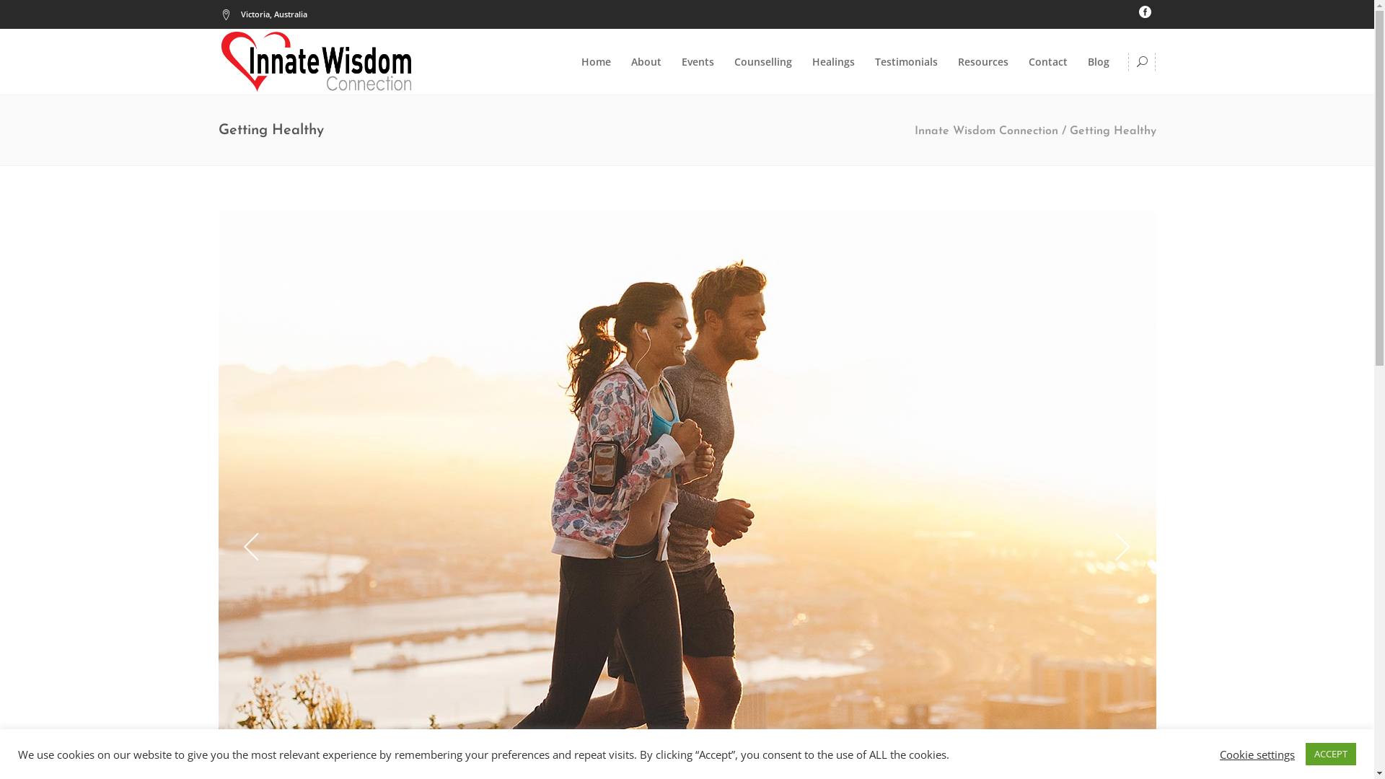 This screenshot has height=779, width=1385. What do you see at coordinates (596, 61) in the screenshot?
I see `'Home'` at bounding box center [596, 61].